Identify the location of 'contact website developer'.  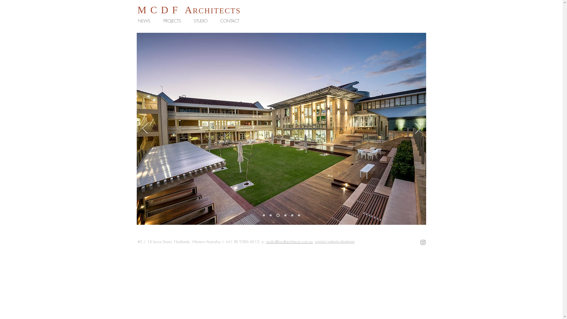
(334, 241).